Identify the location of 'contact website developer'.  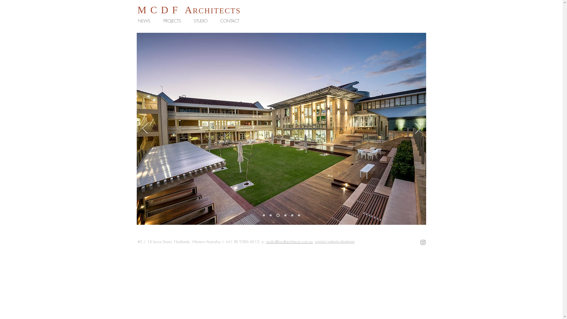
(334, 241).